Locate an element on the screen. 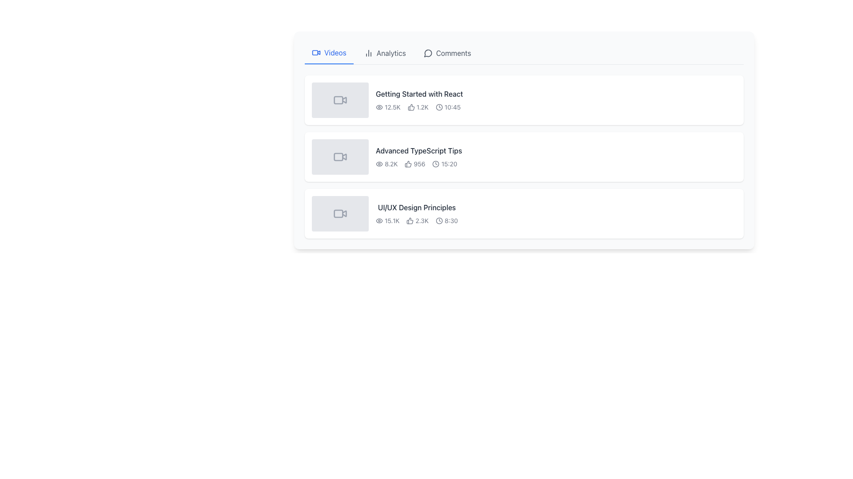  the static text element that displays '12.5K' with an eye icon, indicating view count, located under the video titled 'Getting Started with React' is located at coordinates (388, 107).